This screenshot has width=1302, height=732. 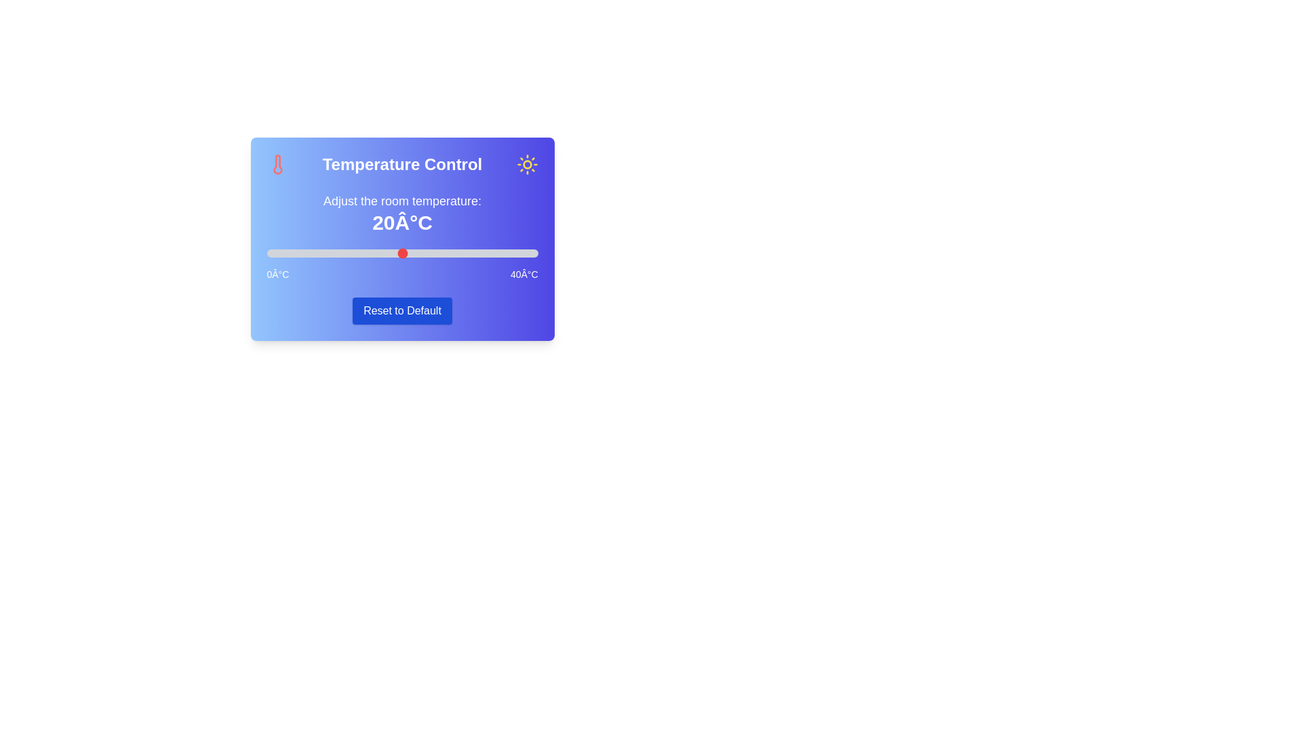 What do you see at coordinates (401, 311) in the screenshot?
I see `'Reset to Default' button to reset the temperature to the default value` at bounding box center [401, 311].